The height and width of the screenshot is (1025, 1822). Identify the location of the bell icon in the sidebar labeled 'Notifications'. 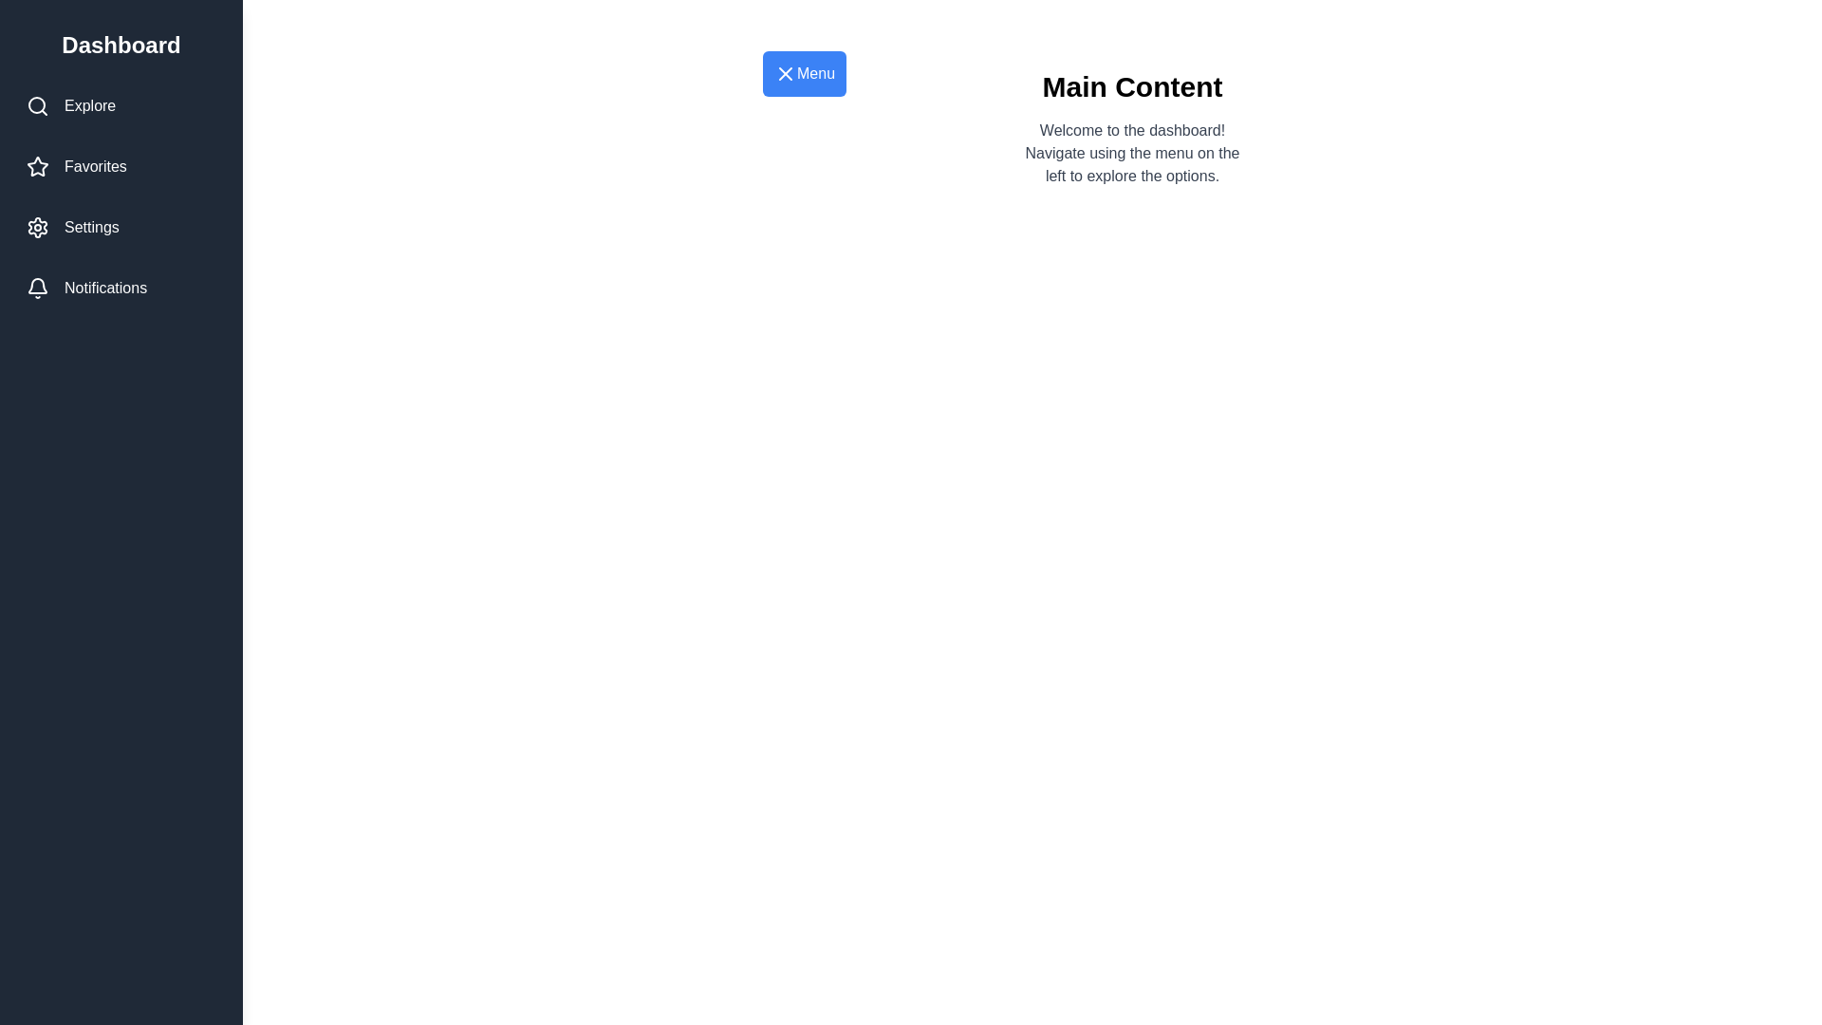
(37, 289).